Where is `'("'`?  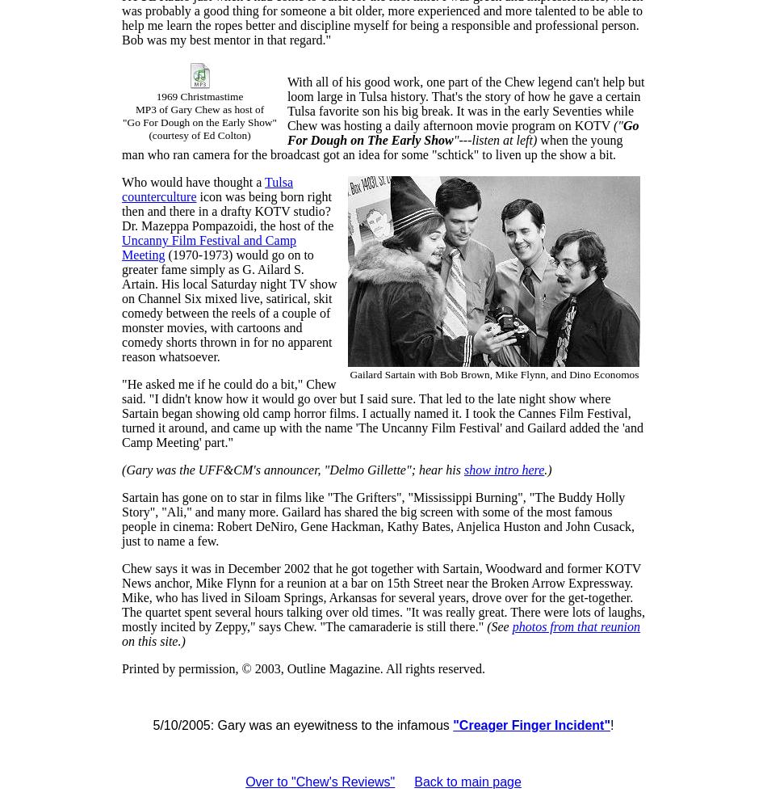
'("' is located at coordinates (617, 124).